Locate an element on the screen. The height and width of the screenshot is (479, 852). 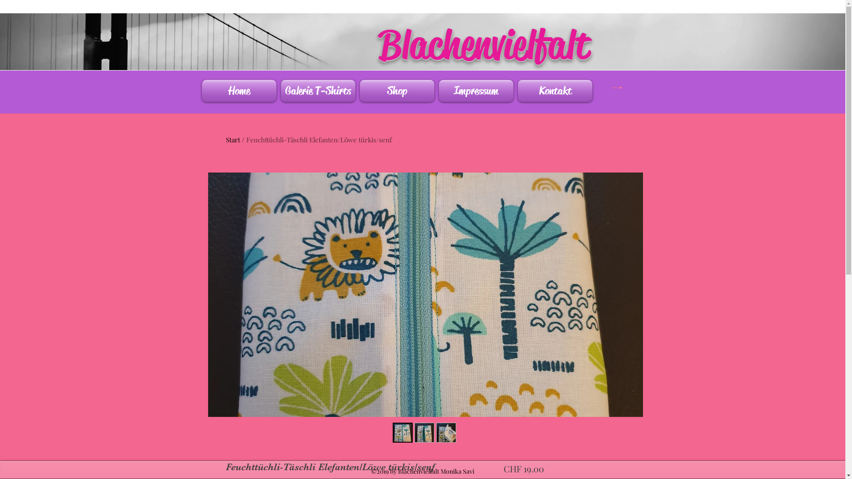
'Start' is located at coordinates (232, 140).